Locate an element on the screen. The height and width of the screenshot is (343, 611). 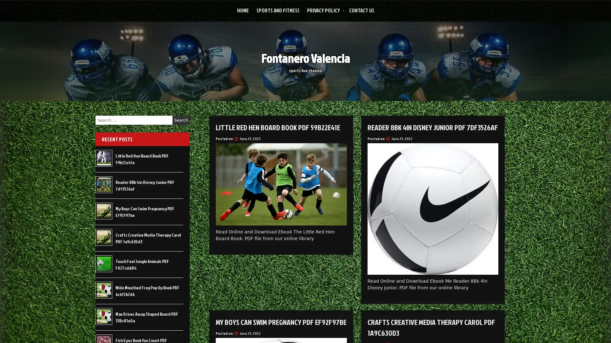
Search is located at coordinates (181, 120).